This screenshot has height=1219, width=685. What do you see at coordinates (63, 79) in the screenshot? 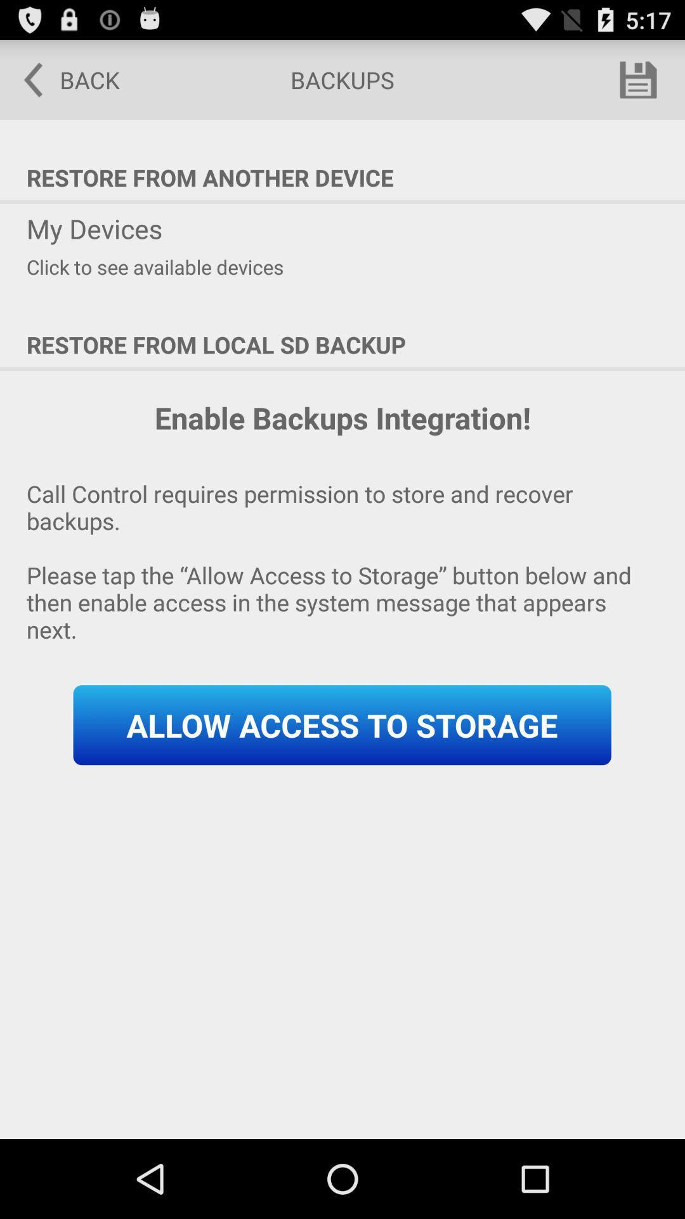
I see `the icon to the left of backups icon` at bounding box center [63, 79].